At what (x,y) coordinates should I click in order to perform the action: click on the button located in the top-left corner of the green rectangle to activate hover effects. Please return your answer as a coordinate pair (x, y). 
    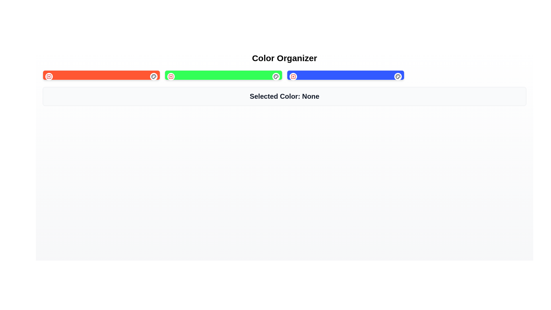
    Looking at the image, I should click on (171, 76).